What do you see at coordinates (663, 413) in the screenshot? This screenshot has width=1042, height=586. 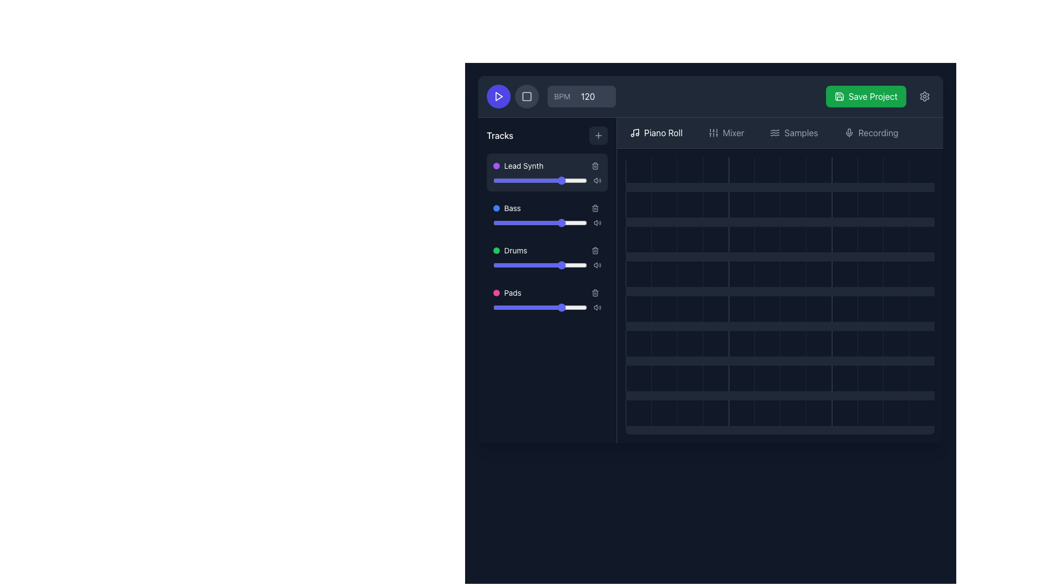 I see `the dark gray grid cell located in the last row and second column from the left` at bounding box center [663, 413].